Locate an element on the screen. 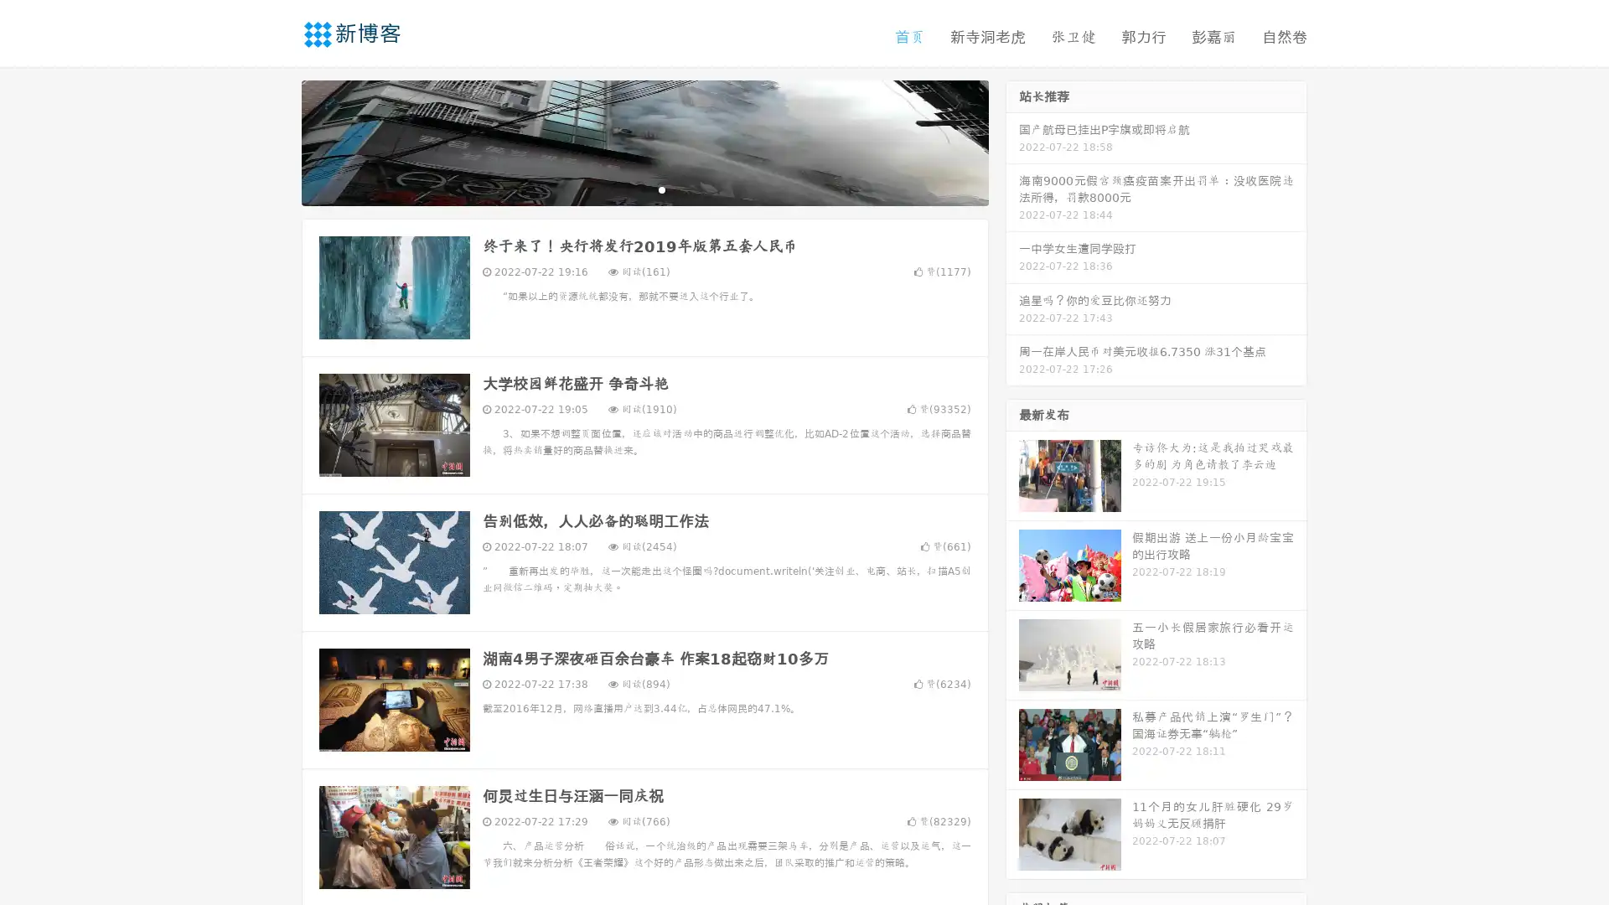 The height and width of the screenshot is (905, 1609). Go to slide 1 is located at coordinates (627, 189).